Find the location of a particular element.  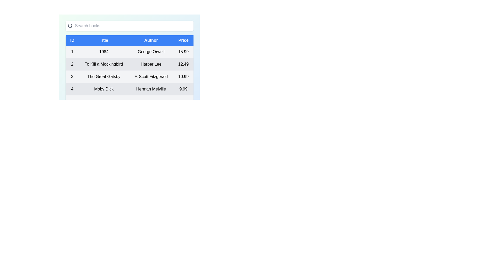

the 'ID' column header cell is located at coordinates (72, 40).